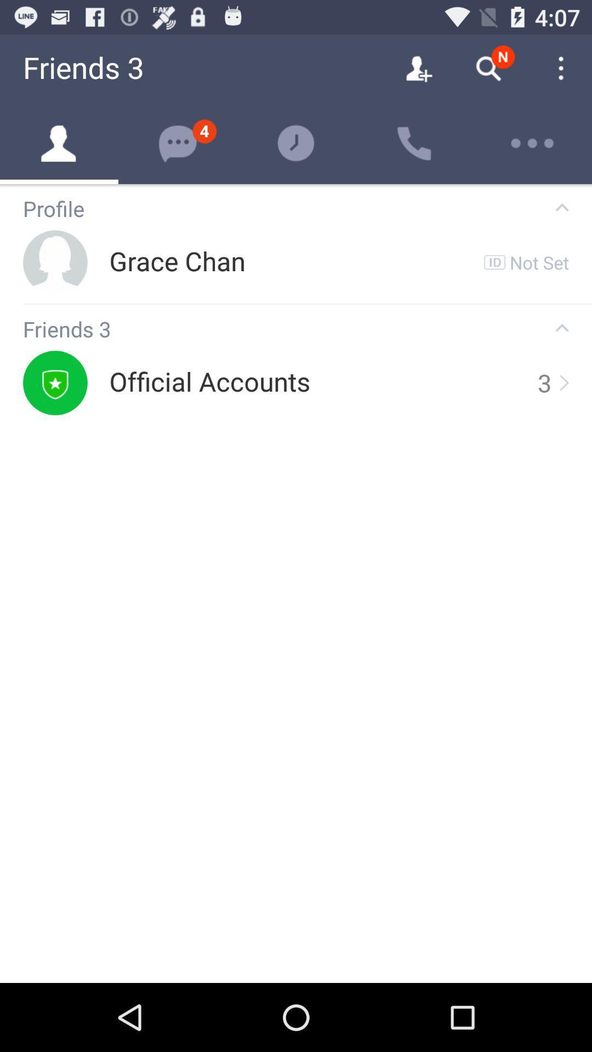 The height and width of the screenshot is (1052, 592). Describe the element at coordinates (532, 143) in the screenshot. I see `the more icon` at that location.